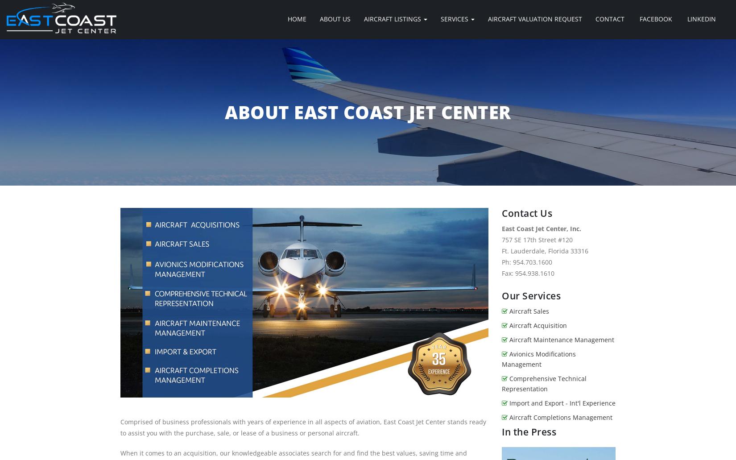 This screenshot has width=736, height=460. Describe the element at coordinates (509, 311) in the screenshot. I see `'Aircraft Sales'` at that location.